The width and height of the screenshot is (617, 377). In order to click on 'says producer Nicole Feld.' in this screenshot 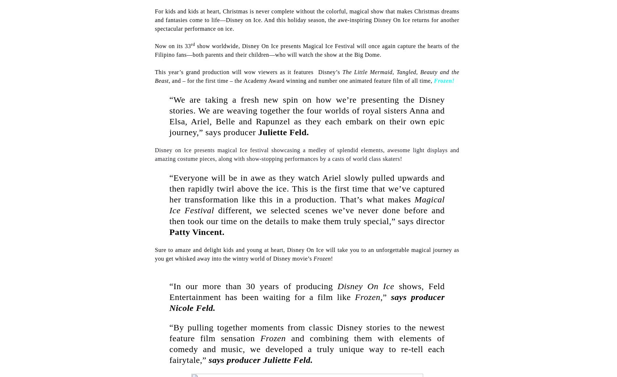, I will do `click(307, 303)`.